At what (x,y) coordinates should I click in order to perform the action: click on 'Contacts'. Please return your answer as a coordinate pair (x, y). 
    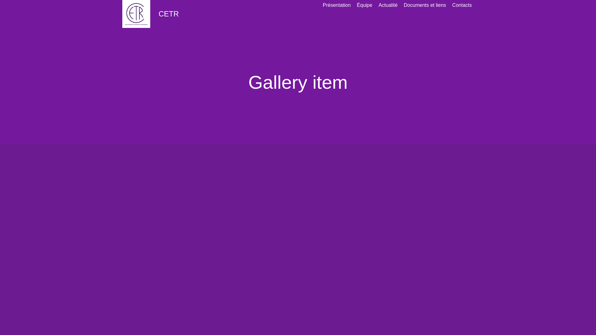
    Looking at the image, I should click on (462, 5).